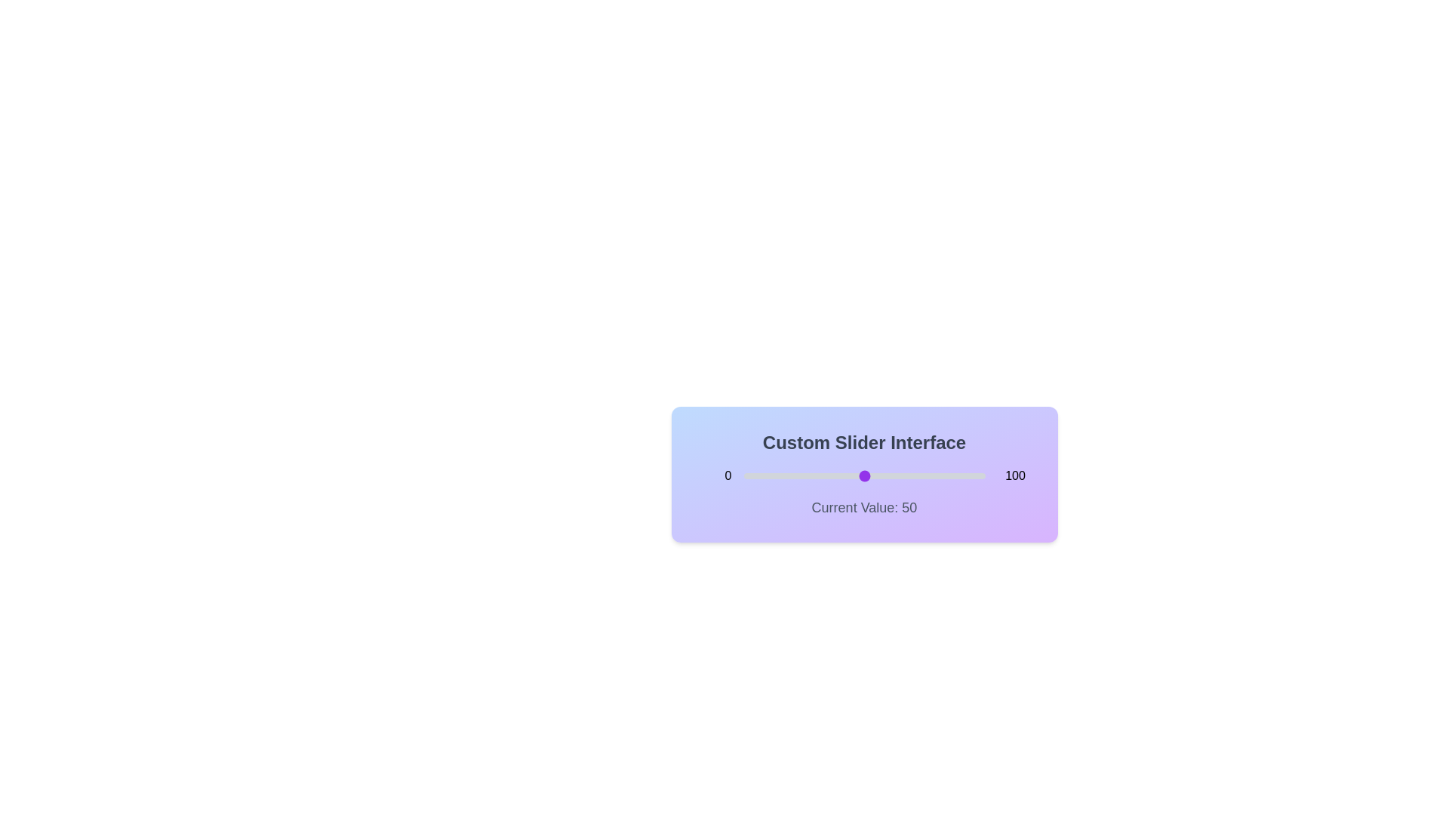  Describe the element at coordinates (973, 476) in the screenshot. I see `the slider to set its value to 95` at that location.